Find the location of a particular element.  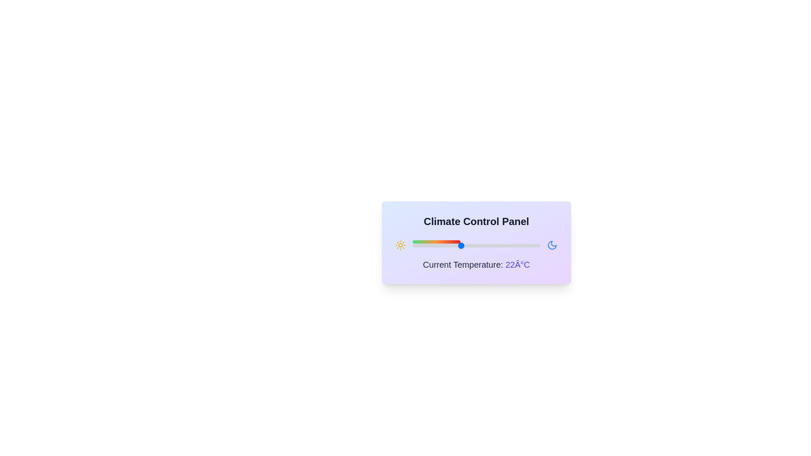

the sun-shaped icon with rays, styled in bright yellow, located in the left section of the control panel is located at coordinates (400, 245).